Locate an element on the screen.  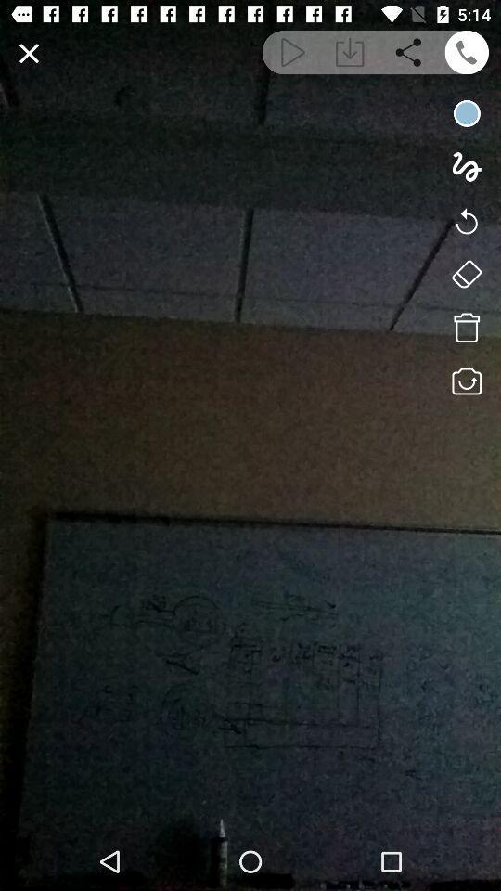
free high-quality video voice and group calling app for everyone simple reliable secure and fun is located at coordinates (466, 51).